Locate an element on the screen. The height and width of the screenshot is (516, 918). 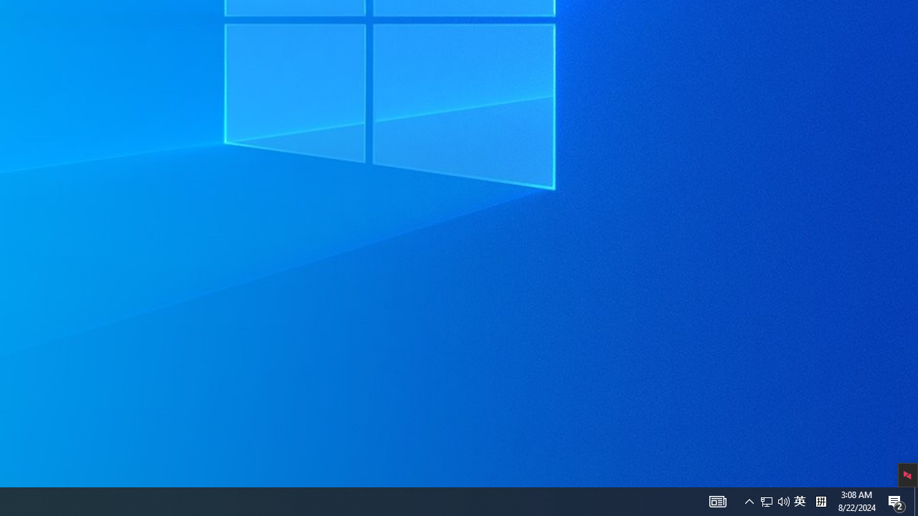
'Q2790: 100%' is located at coordinates (783, 500).